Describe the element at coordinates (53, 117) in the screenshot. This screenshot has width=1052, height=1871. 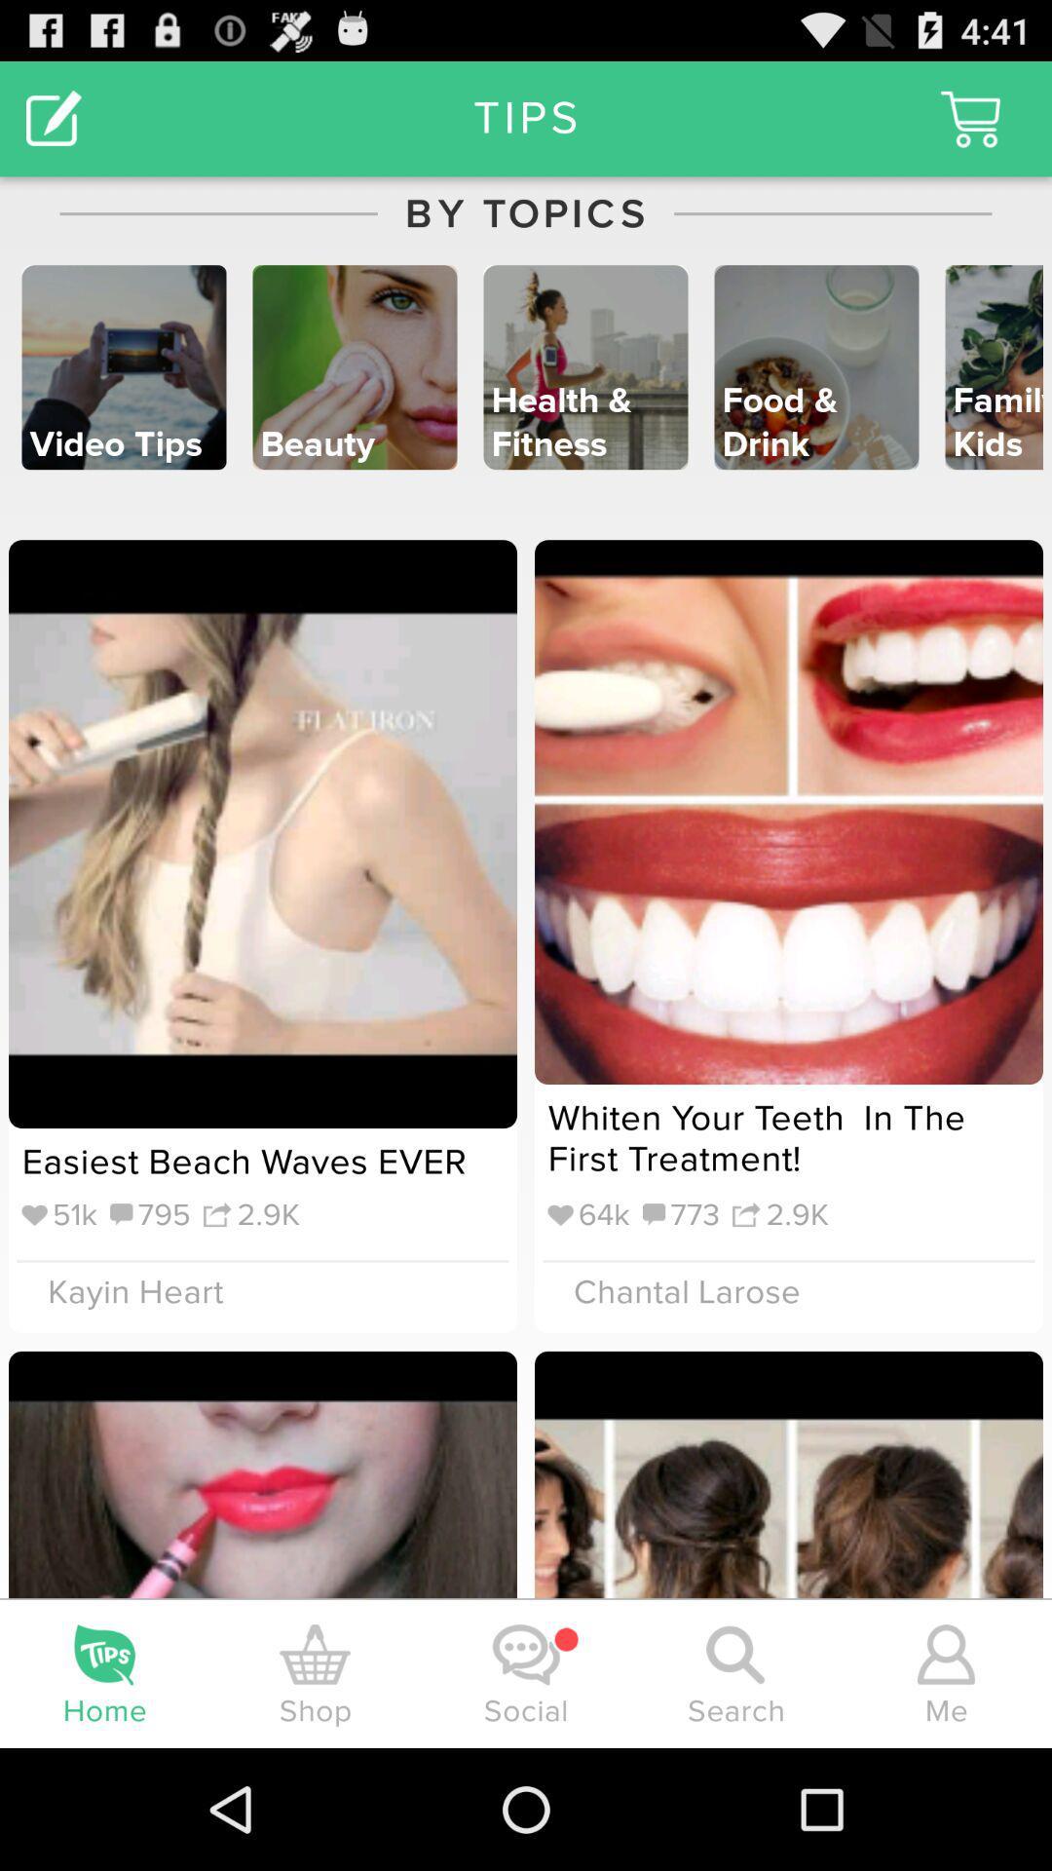
I see `the item to the left of by topics` at that location.